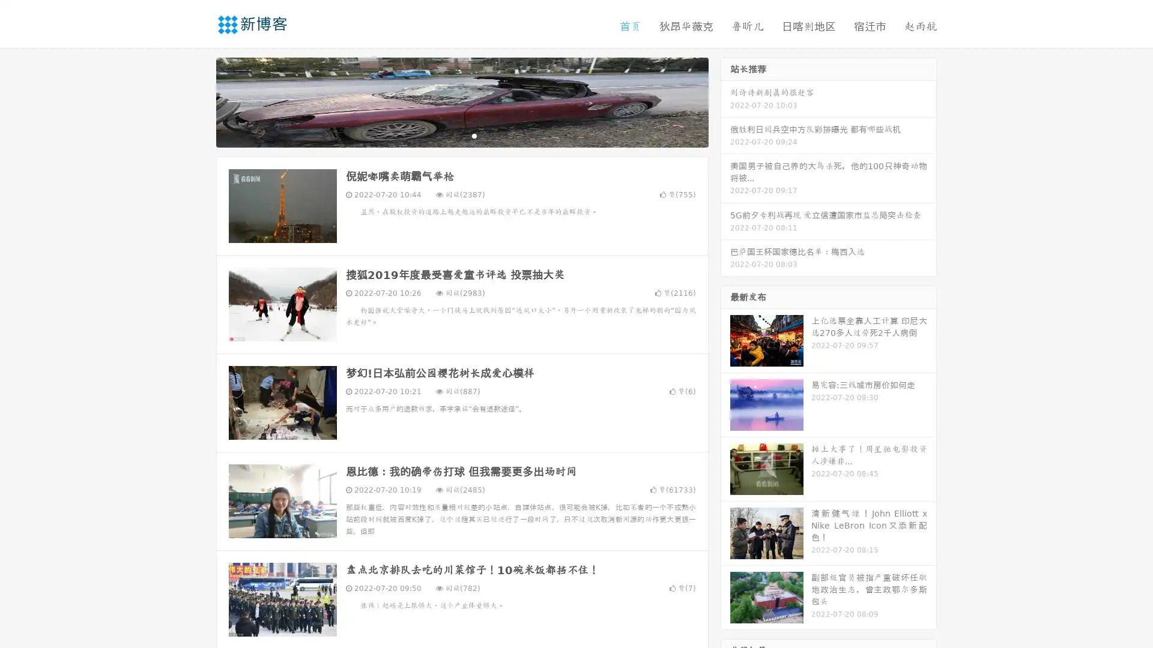 The width and height of the screenshot is (1153, 648). Describe the element at coordinates (725, 101) in the screenshot. I see `Next slide` at that location.